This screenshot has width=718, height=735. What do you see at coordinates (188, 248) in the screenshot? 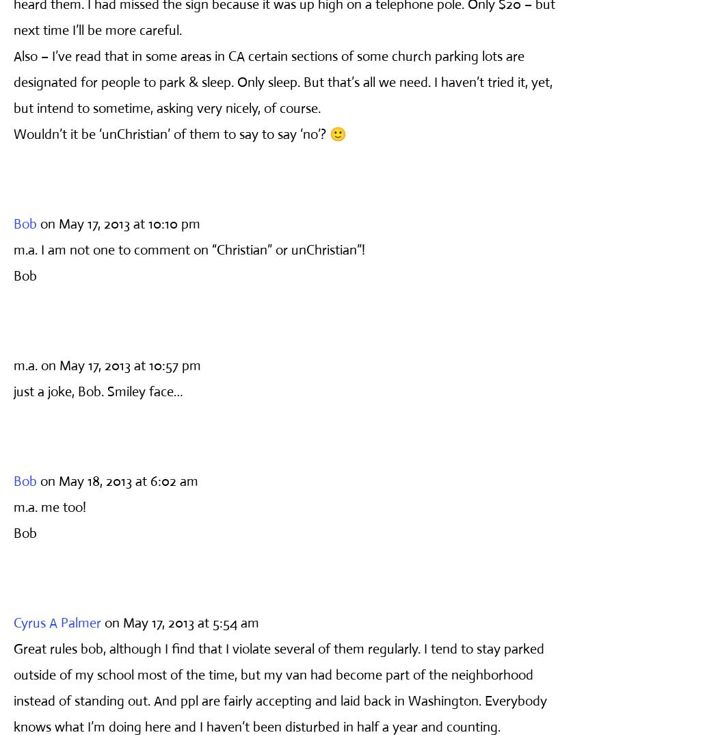
I see `'m.a. I am not one to comment on “Christian” or unChristian”!'` at bounding box center [188, 248].